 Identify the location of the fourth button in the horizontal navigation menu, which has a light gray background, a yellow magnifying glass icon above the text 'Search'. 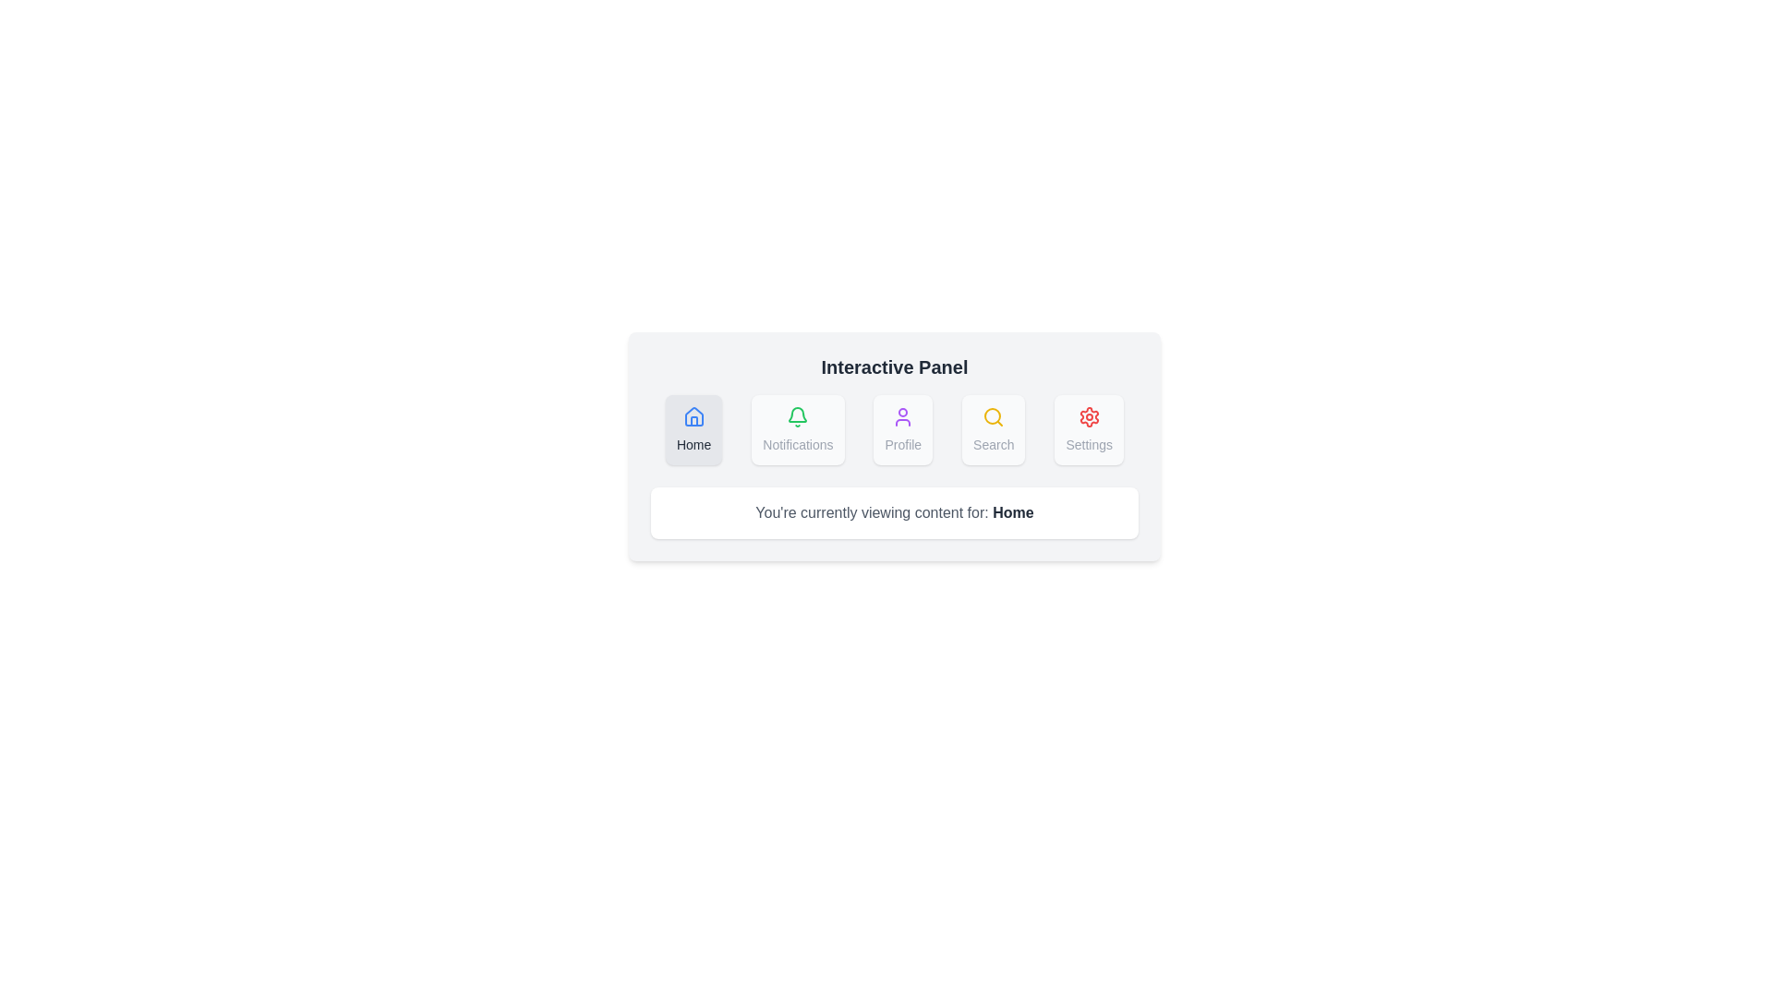
(993, 430).